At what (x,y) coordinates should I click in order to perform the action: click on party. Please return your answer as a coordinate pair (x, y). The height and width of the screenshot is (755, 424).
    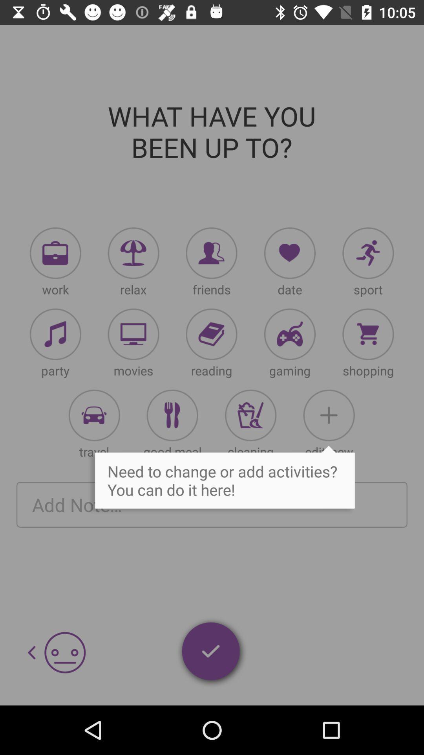
    Looking at the image, I should click on (55, 334).